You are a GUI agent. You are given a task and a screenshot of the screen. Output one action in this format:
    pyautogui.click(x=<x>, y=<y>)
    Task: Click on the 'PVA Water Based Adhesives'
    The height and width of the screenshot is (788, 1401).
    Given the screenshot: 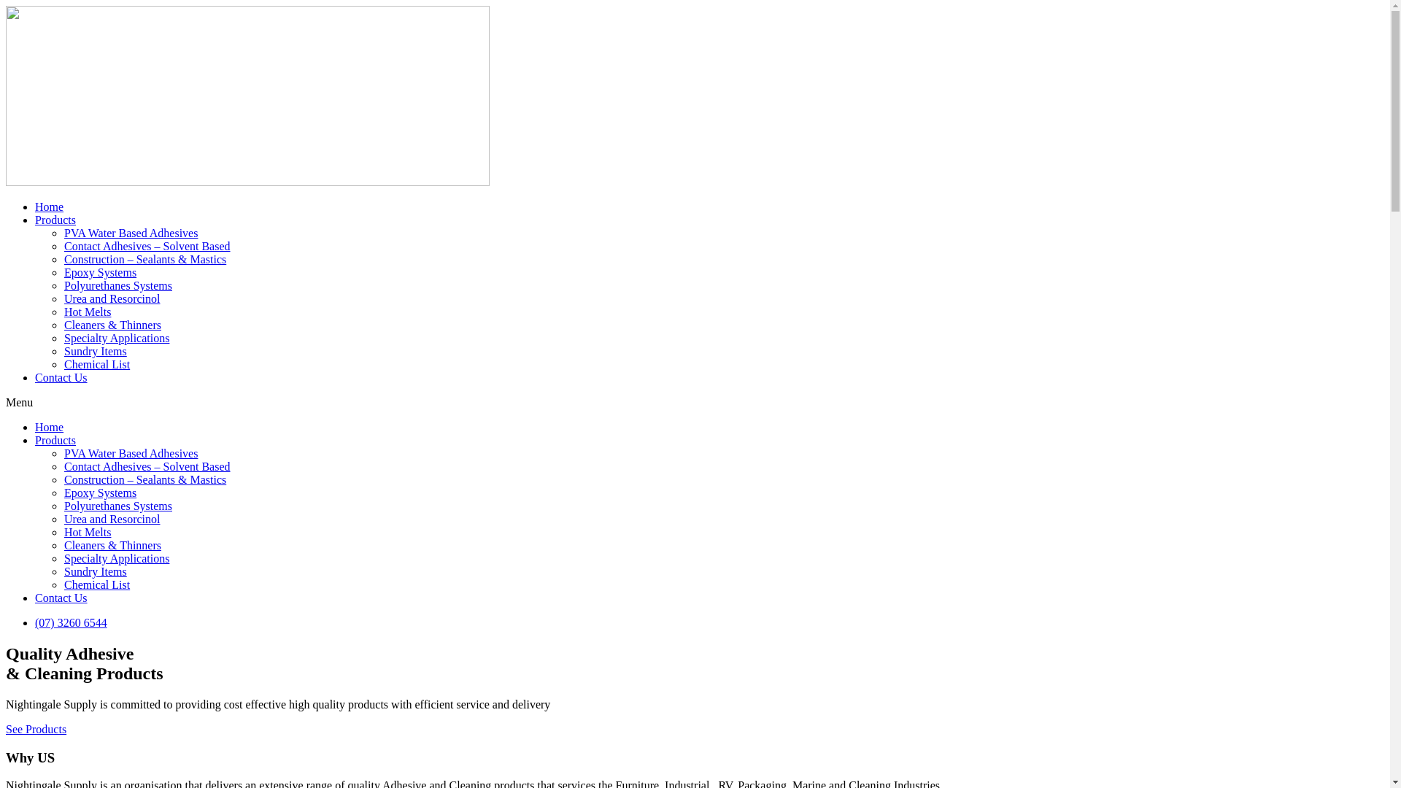 What is the action you would take?
    pyautogui.click(x=131, y=452)
    